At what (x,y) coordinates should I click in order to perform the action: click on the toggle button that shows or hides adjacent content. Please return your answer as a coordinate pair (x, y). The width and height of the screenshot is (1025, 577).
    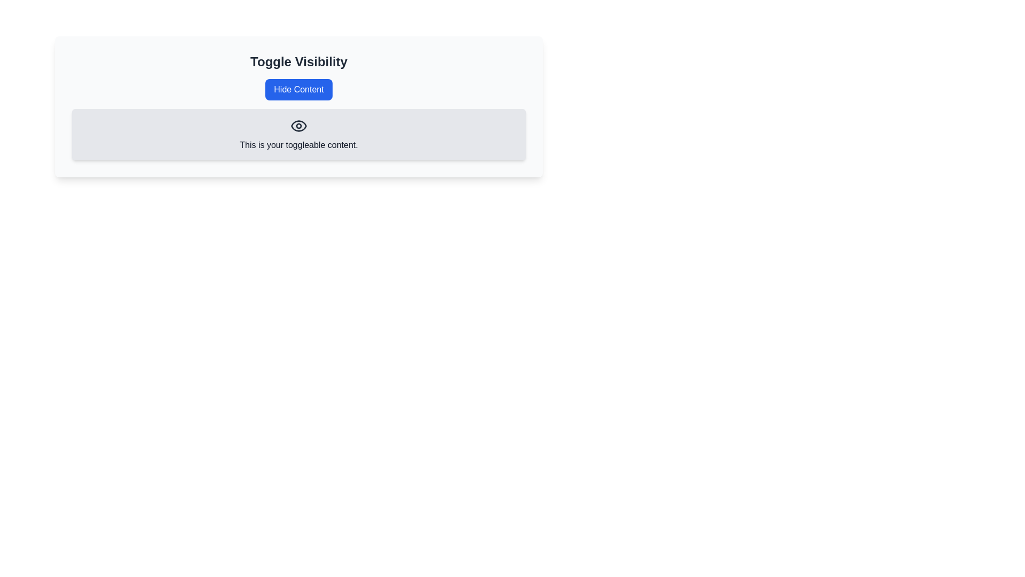
    Looking at the image, I should click on (299, 89).